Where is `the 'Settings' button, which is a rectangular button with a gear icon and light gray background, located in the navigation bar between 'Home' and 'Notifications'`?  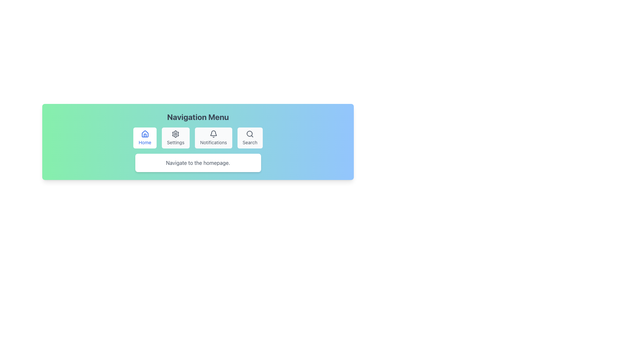
the 'Settings' button, which is a rectangular button with a gear icon and light gray background, located in the navigation bar between 'Home' and 'Notifications' is located at coordinates (176, 137).